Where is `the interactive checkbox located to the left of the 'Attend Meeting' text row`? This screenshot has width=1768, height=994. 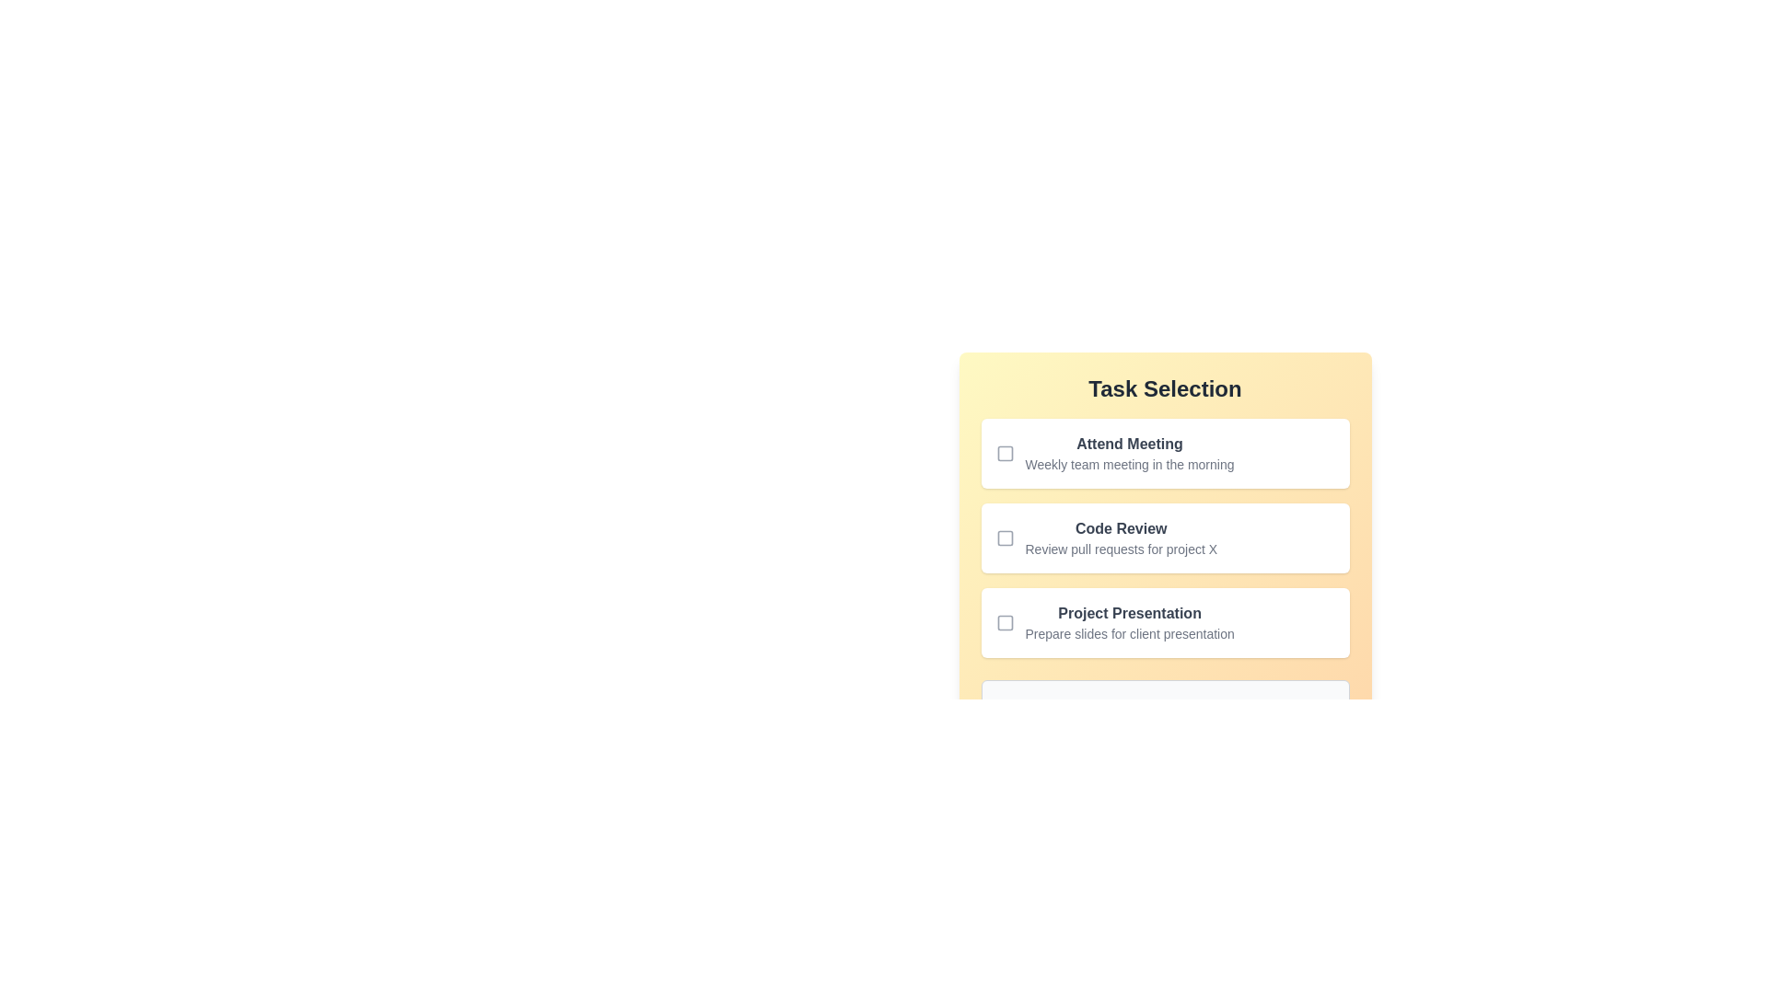 the interactive checkbox located to the left of the 'Attend Meeting' text row is located at coordinates (1004, 454).